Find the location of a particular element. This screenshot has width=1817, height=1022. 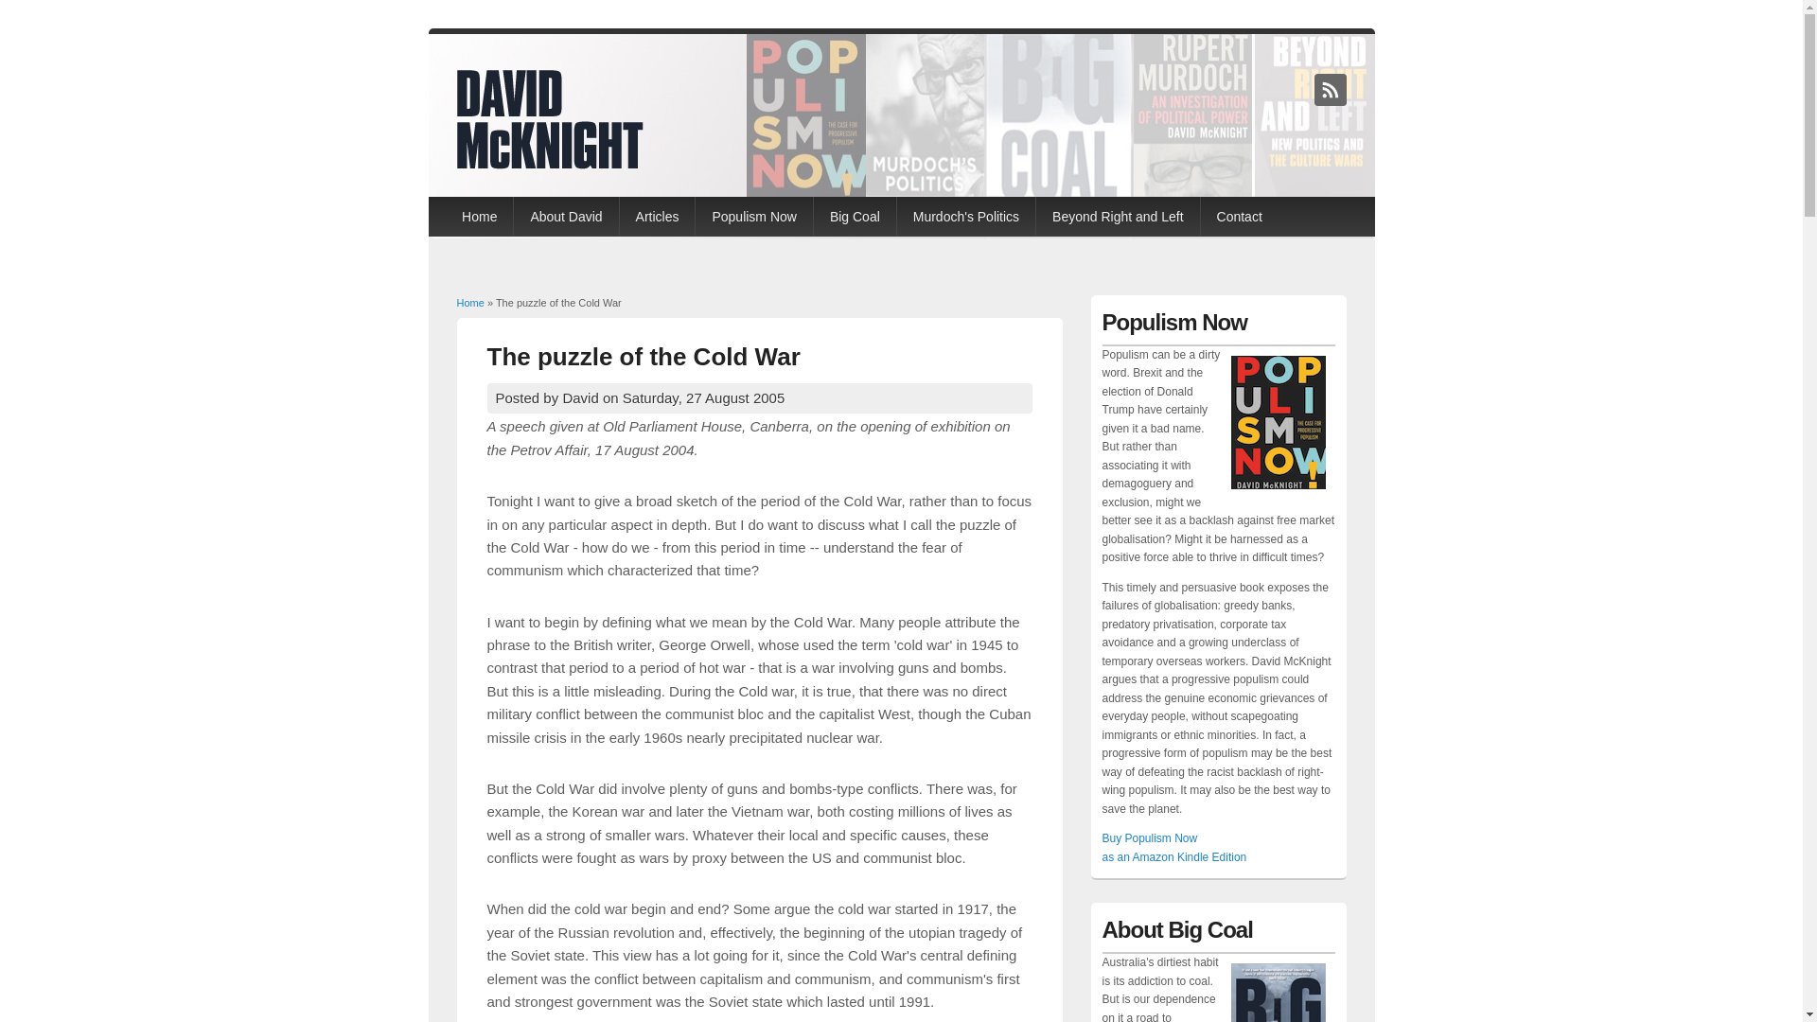

'Murdoch's Politics' is located at coordinates (966, 215).